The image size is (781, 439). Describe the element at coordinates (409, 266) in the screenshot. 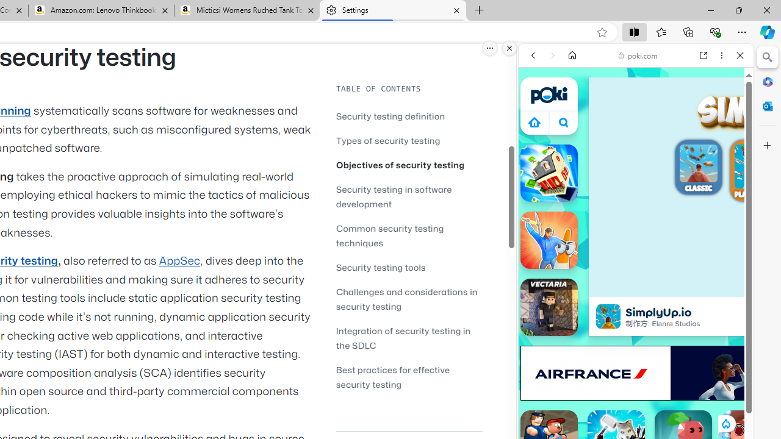

I see `'Security testing tools'` at that location.